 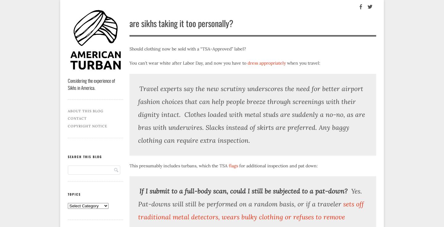 What do you see at coordinates (187, 48) in the screenshot?
I see `'Should clothing now be sold with a “TSA-Approved” label?'` at bounding box center [187, 48].